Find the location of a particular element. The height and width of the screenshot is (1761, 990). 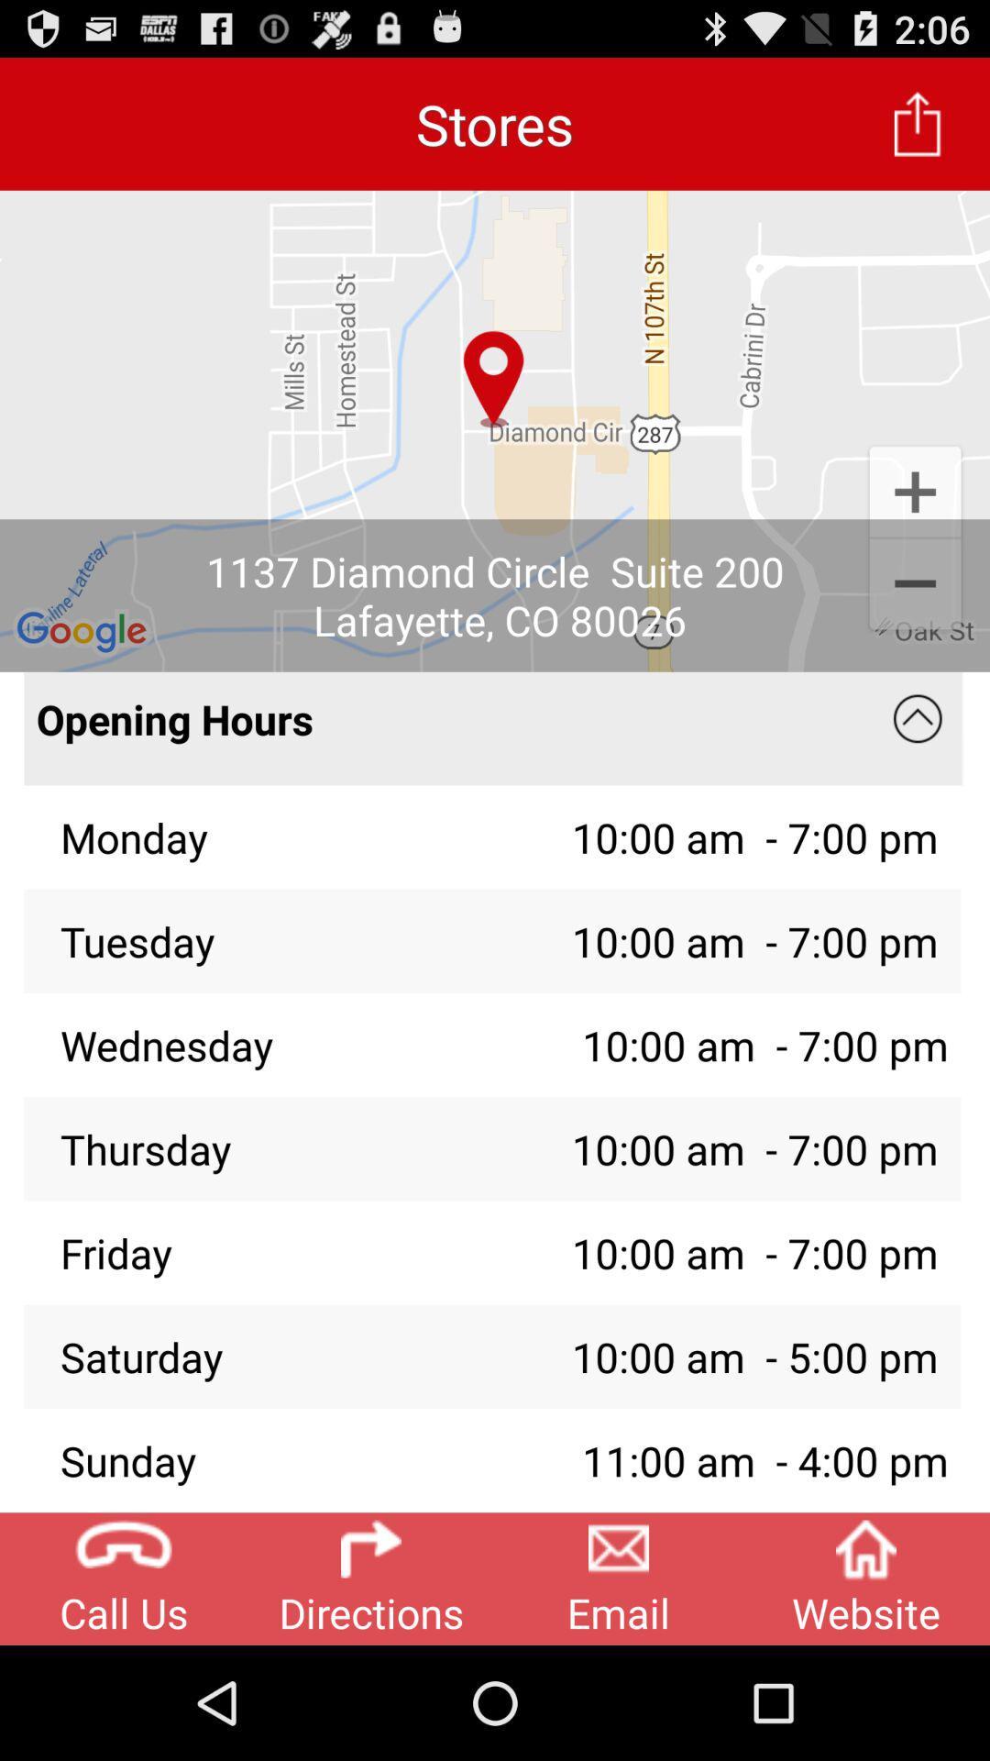

app next to the email item is located at coordinates (866, 1578).